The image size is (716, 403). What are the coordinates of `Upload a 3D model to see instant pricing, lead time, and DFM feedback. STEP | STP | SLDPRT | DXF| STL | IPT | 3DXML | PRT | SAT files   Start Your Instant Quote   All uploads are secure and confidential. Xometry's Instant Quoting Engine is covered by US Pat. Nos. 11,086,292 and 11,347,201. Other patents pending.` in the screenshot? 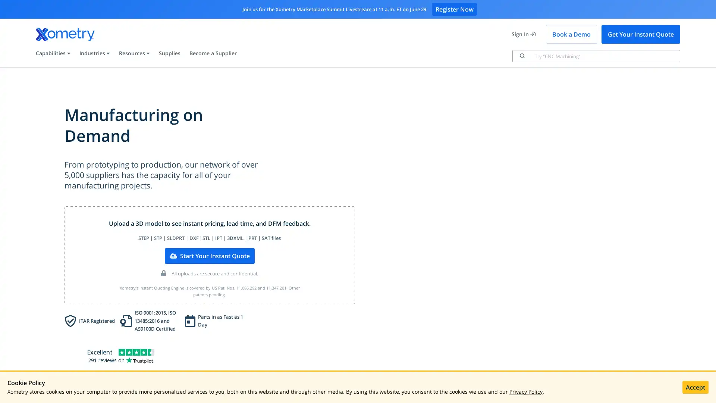 It's located at (209, 254).